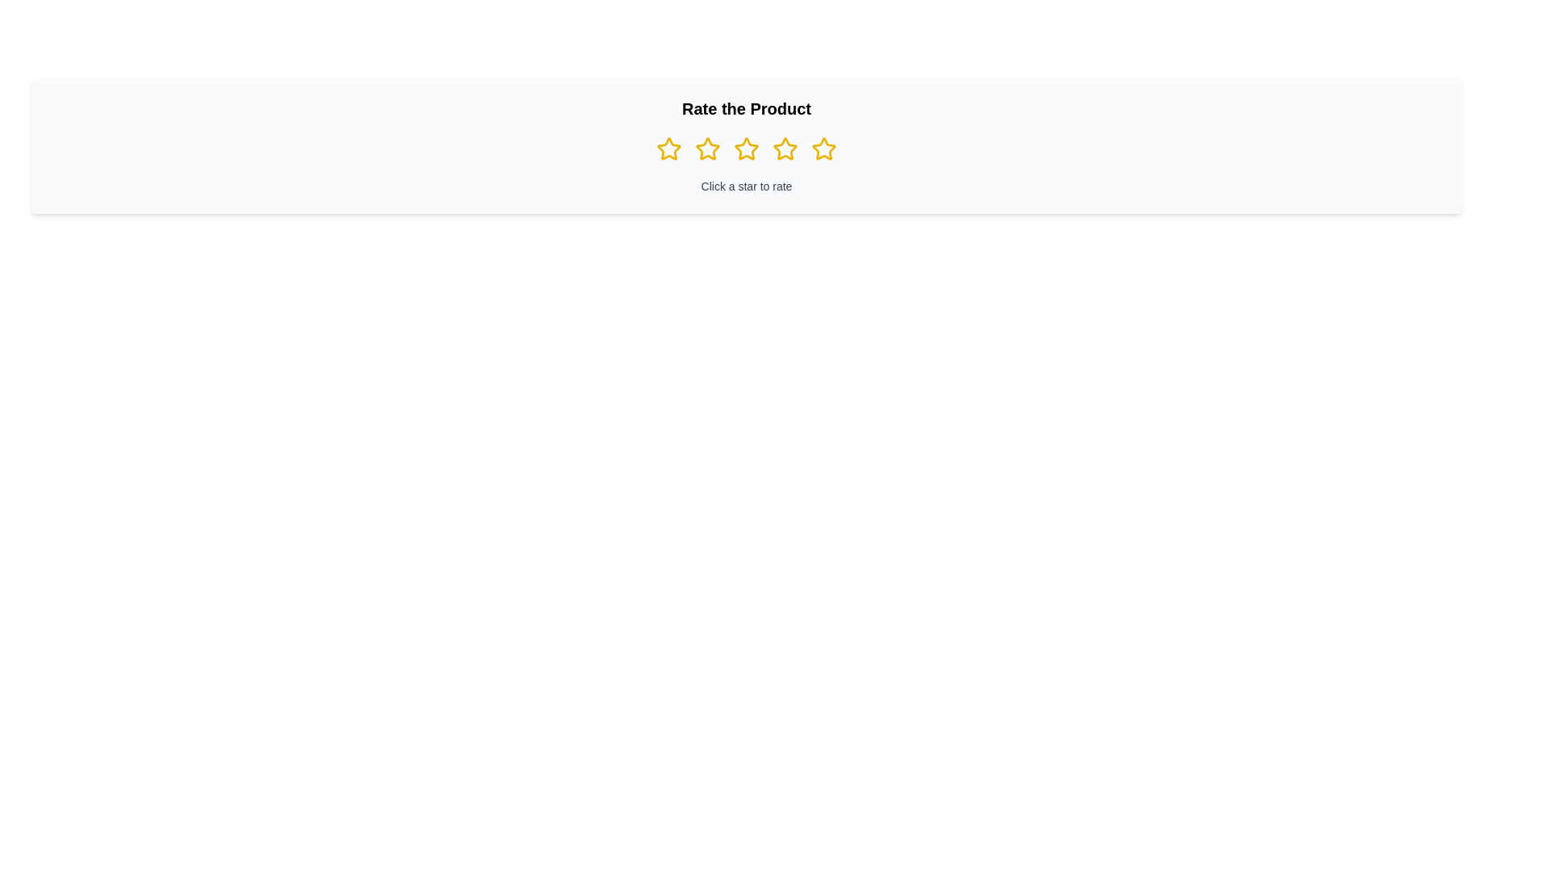  What do you see at coordinates (785, 149) in the screenshot?
I see `the third star` at bounding box center [785, 149].